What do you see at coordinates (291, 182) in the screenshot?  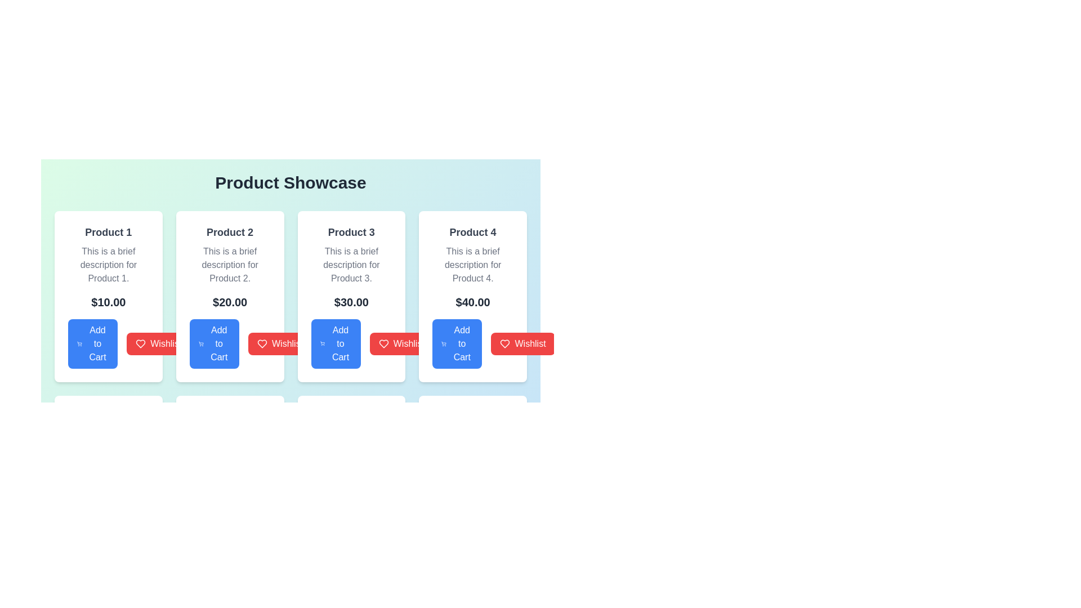 I see `header text located at the top of the content area, which introduces the product cards section and provides context to the user` at bounding box center [291, 182].